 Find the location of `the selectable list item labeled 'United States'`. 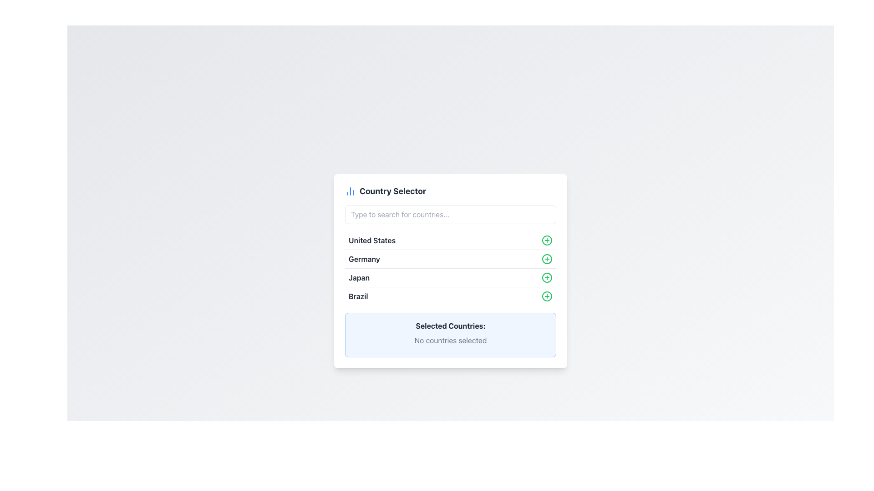

the selectable list item labeled 'United States' is located at coordinates (450, 240).